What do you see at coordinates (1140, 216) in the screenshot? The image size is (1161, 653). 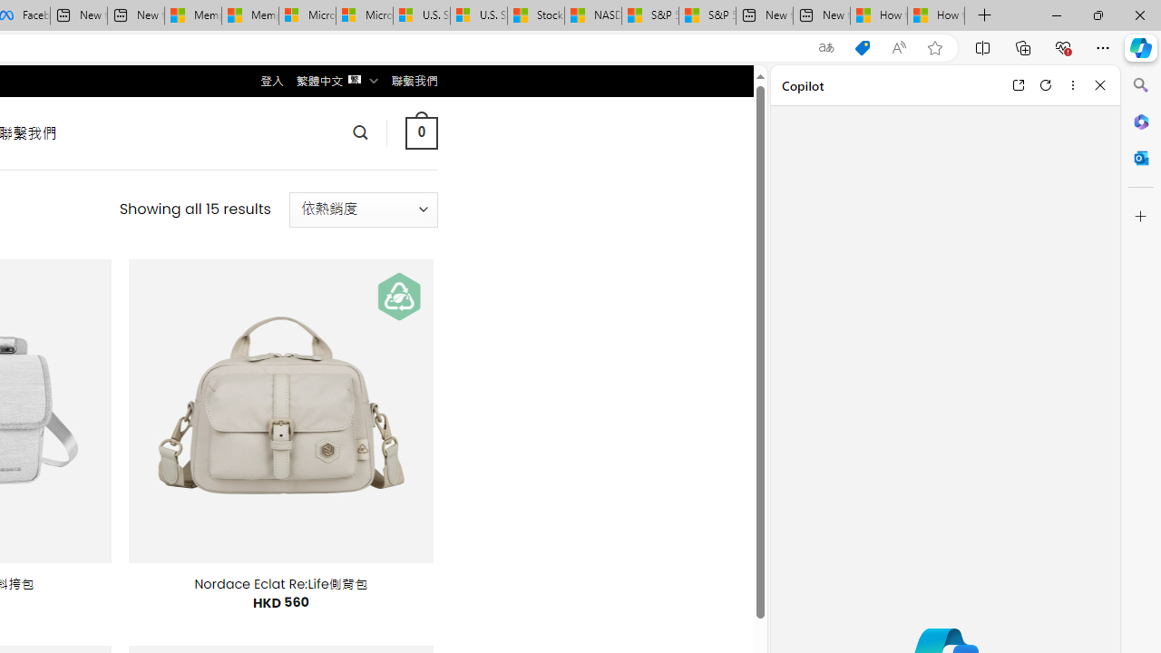 I see `'Customize'` at bounding box center [1140, 216].